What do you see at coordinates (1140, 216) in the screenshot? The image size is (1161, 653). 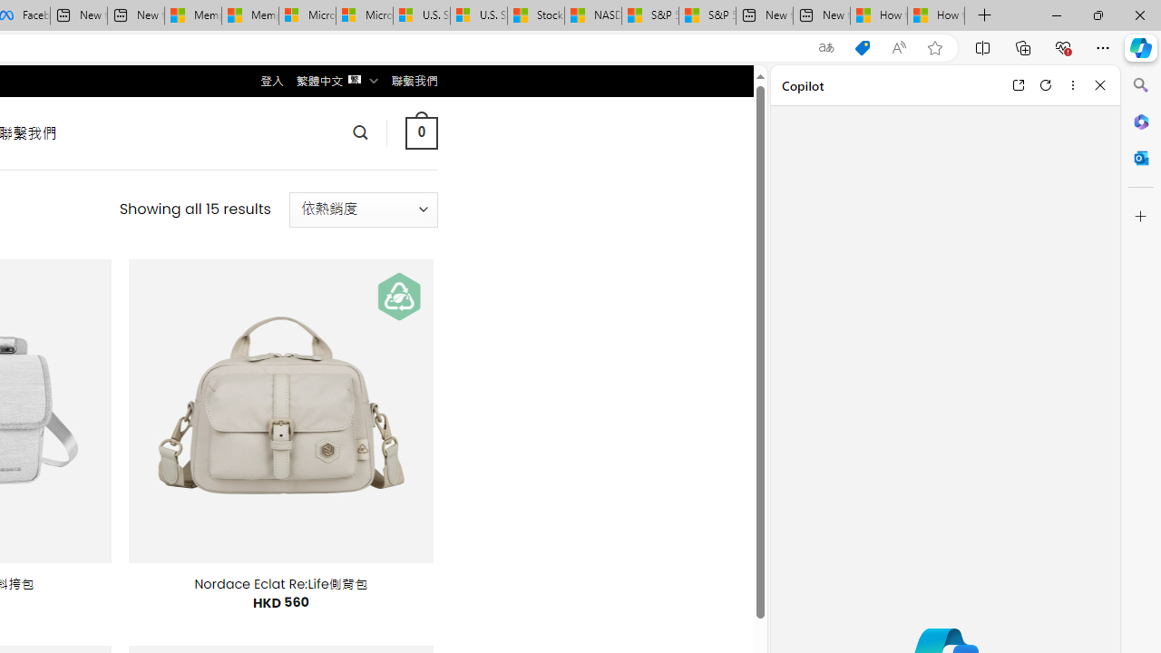 I see `'Customize'` at bounding box center [1140, 216].